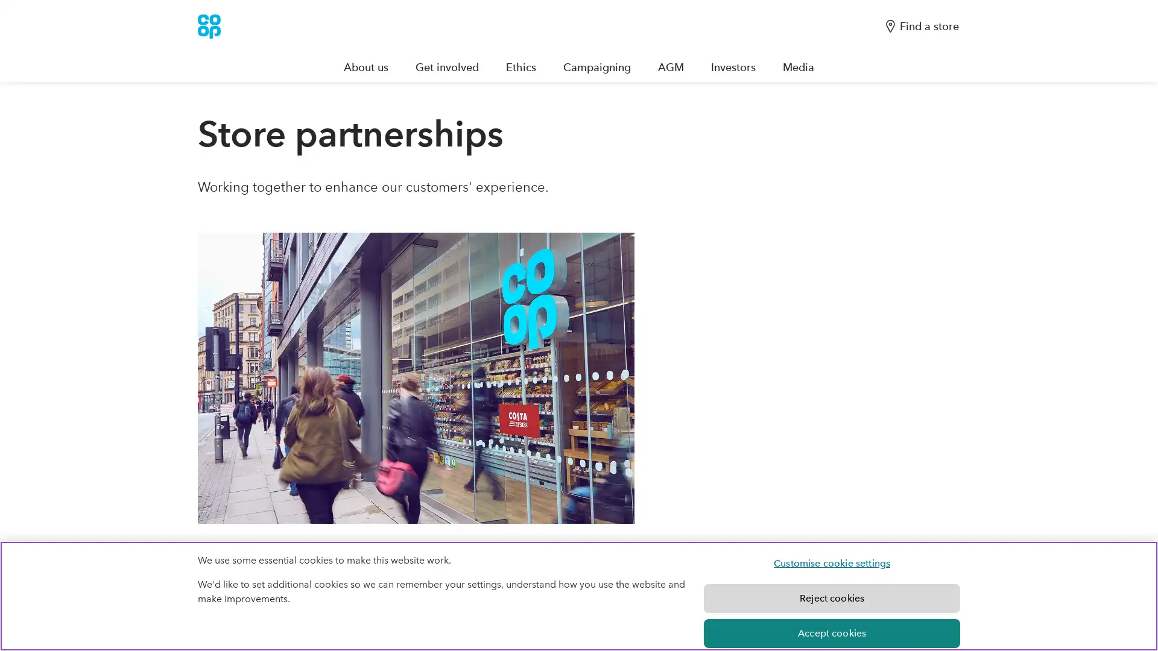 This screenshot has width=1158, height=651. Describe the element at coordinates (831, 563) in the screenshot. I see `Customise cookie settings` at that location.